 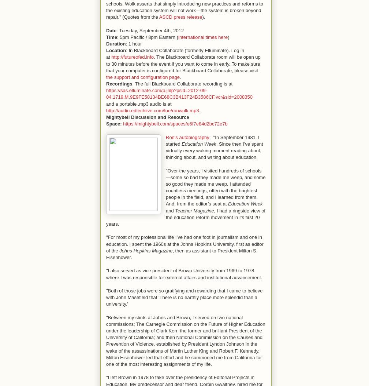 I want to click on 'Recordings', so click(x=119, y=83).